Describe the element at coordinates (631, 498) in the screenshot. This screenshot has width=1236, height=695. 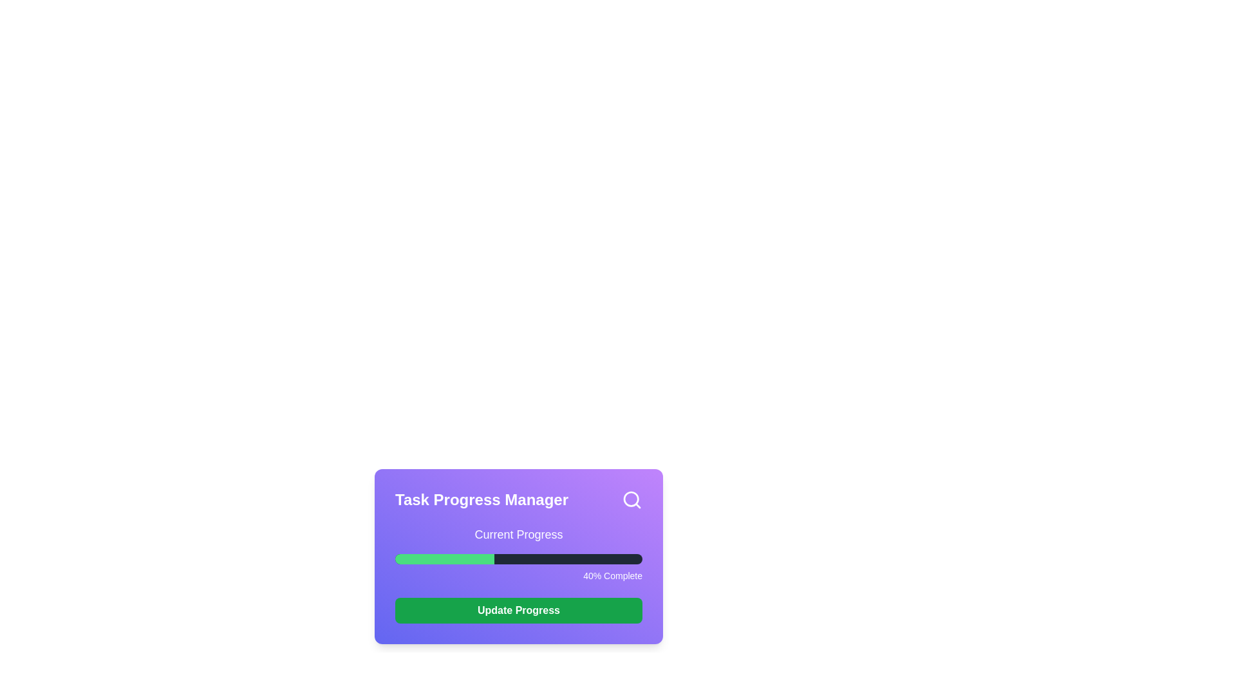
I see `the circular graphic element representing the lens of the magnifying glass icon located at the top-right corner of the 'Task Progress Manager' card for accessibility purposes` at that location.